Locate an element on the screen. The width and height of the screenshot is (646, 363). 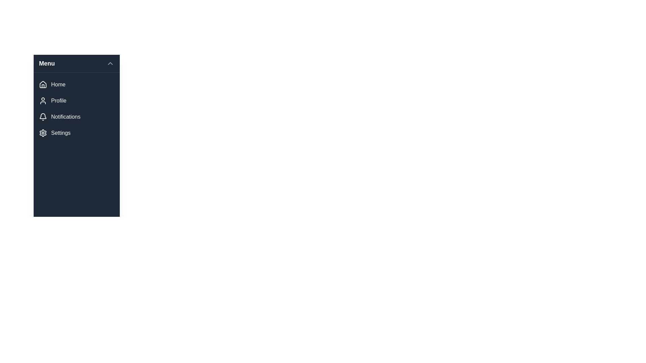
the navigation button for accessing the Notifications section, which is the third option is located at coordinates (76, 116).